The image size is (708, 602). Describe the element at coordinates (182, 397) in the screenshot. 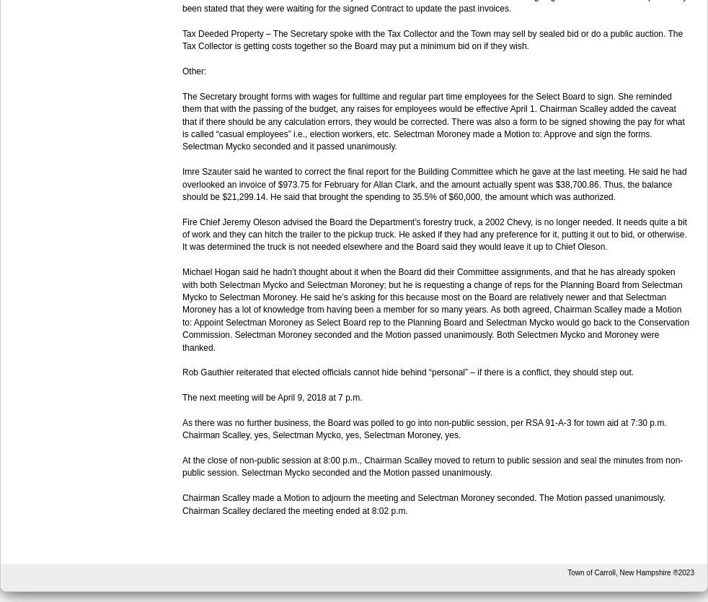

I see `'The next meeting will be April 9, 2018 at 7 p.m.'` at that location.